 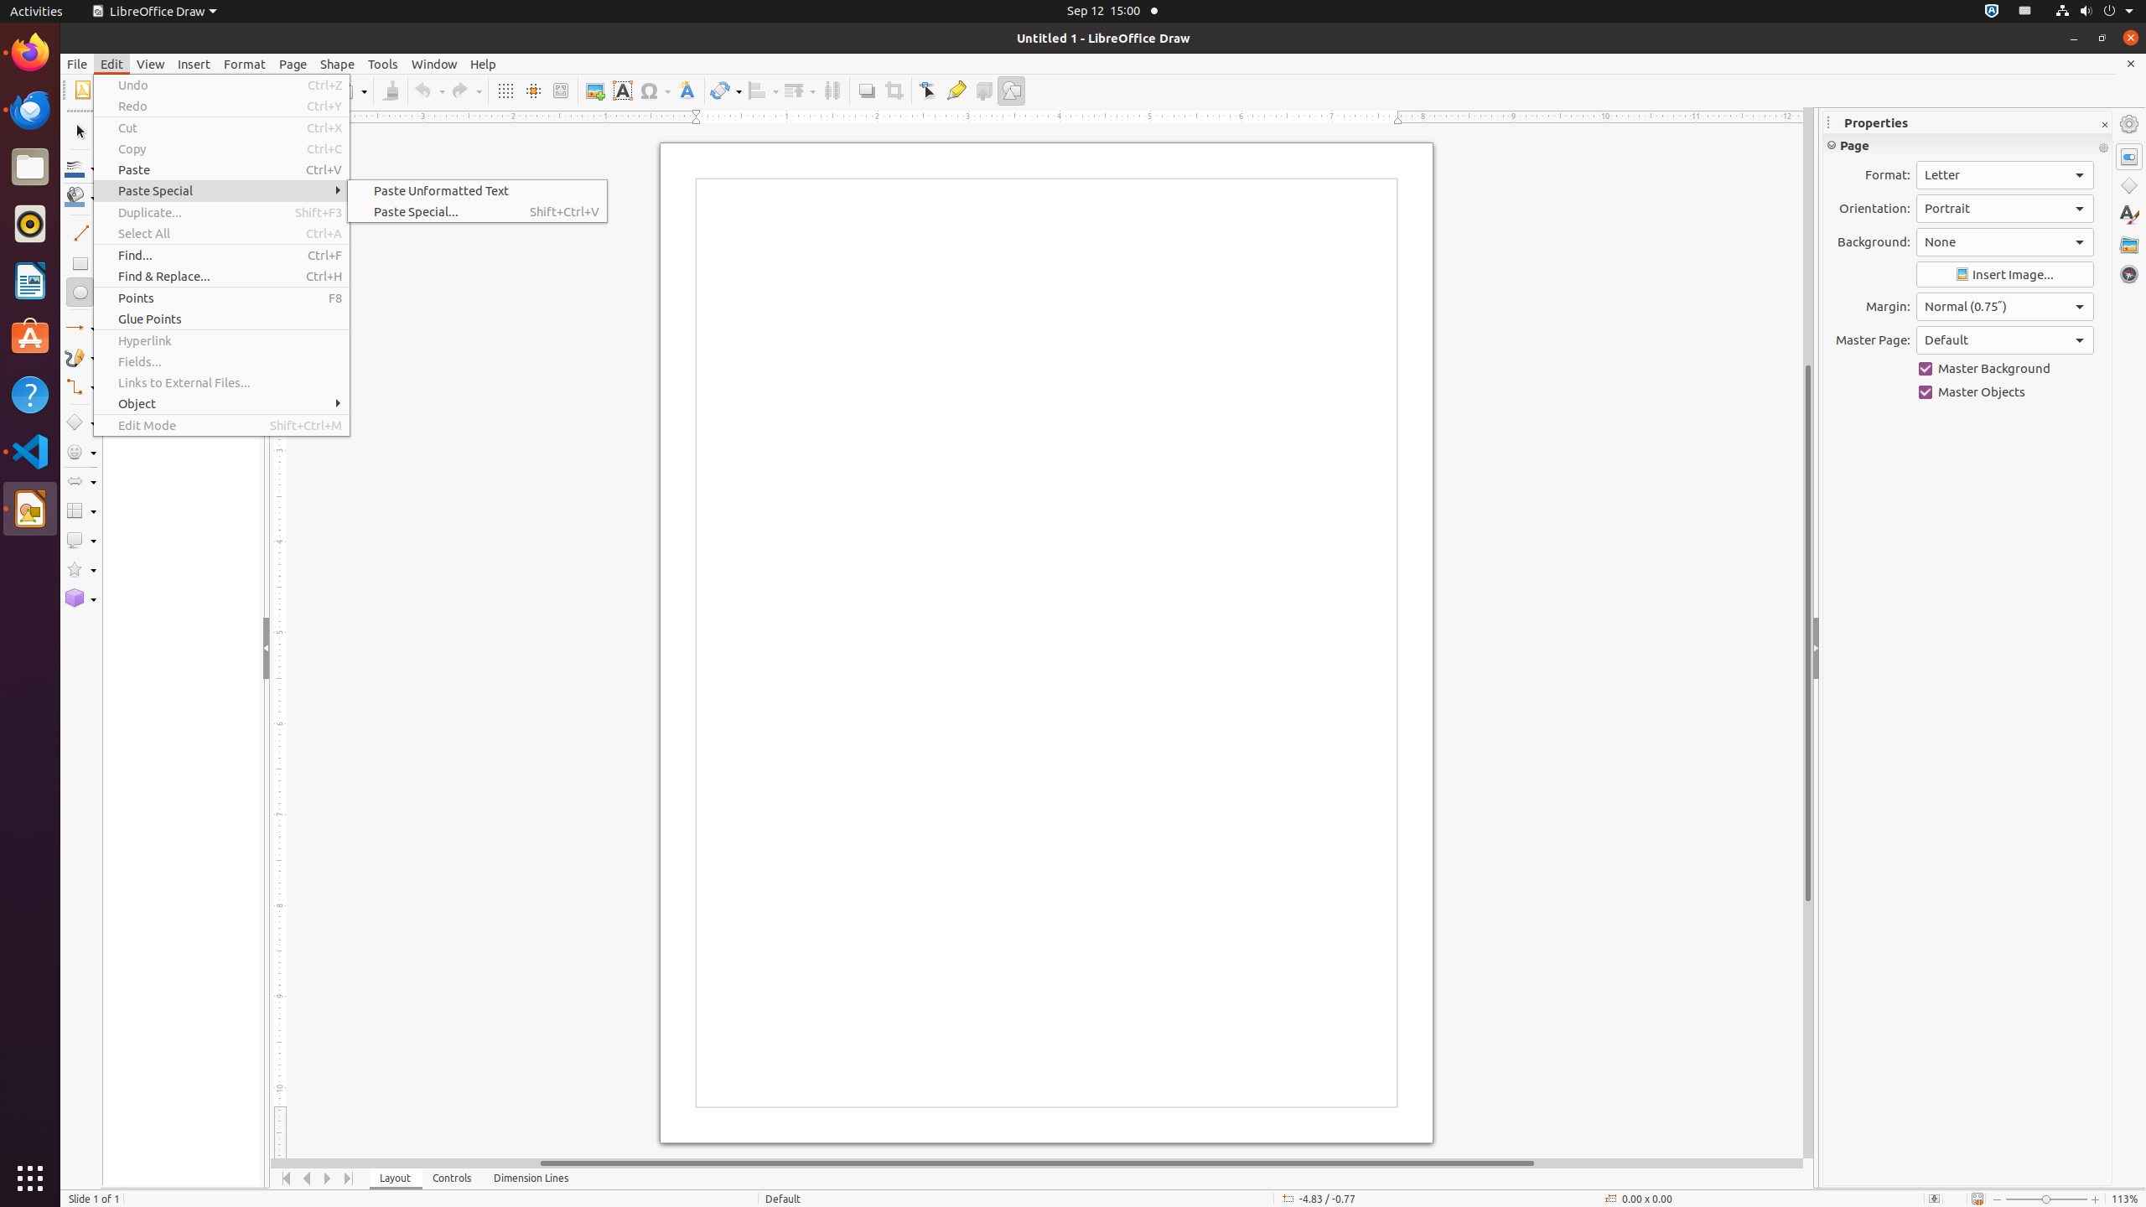 What do you see at coordinates (221, 148) in the screenshot?
I see `'Copy'` at bounding box center [221, 148].